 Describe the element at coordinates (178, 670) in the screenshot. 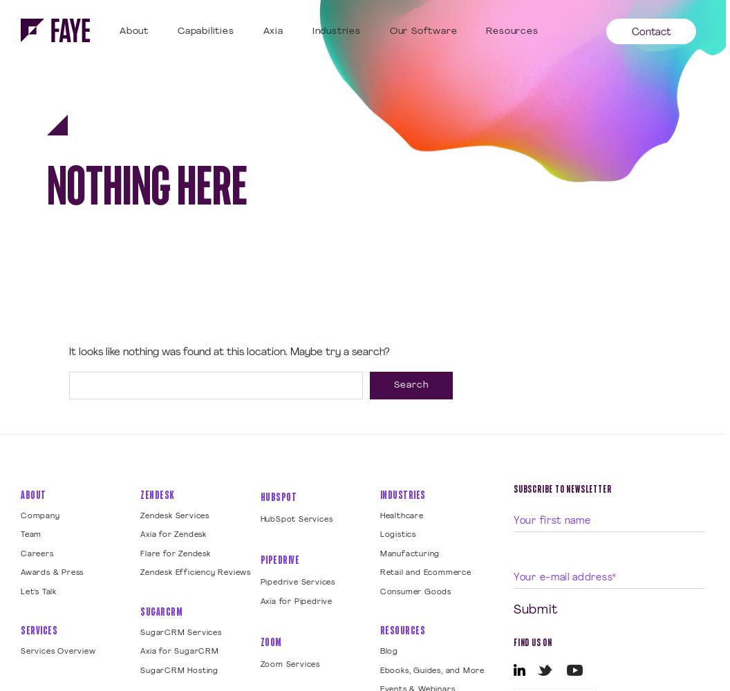

I see `'SugarCRM Hosting'` at that location.